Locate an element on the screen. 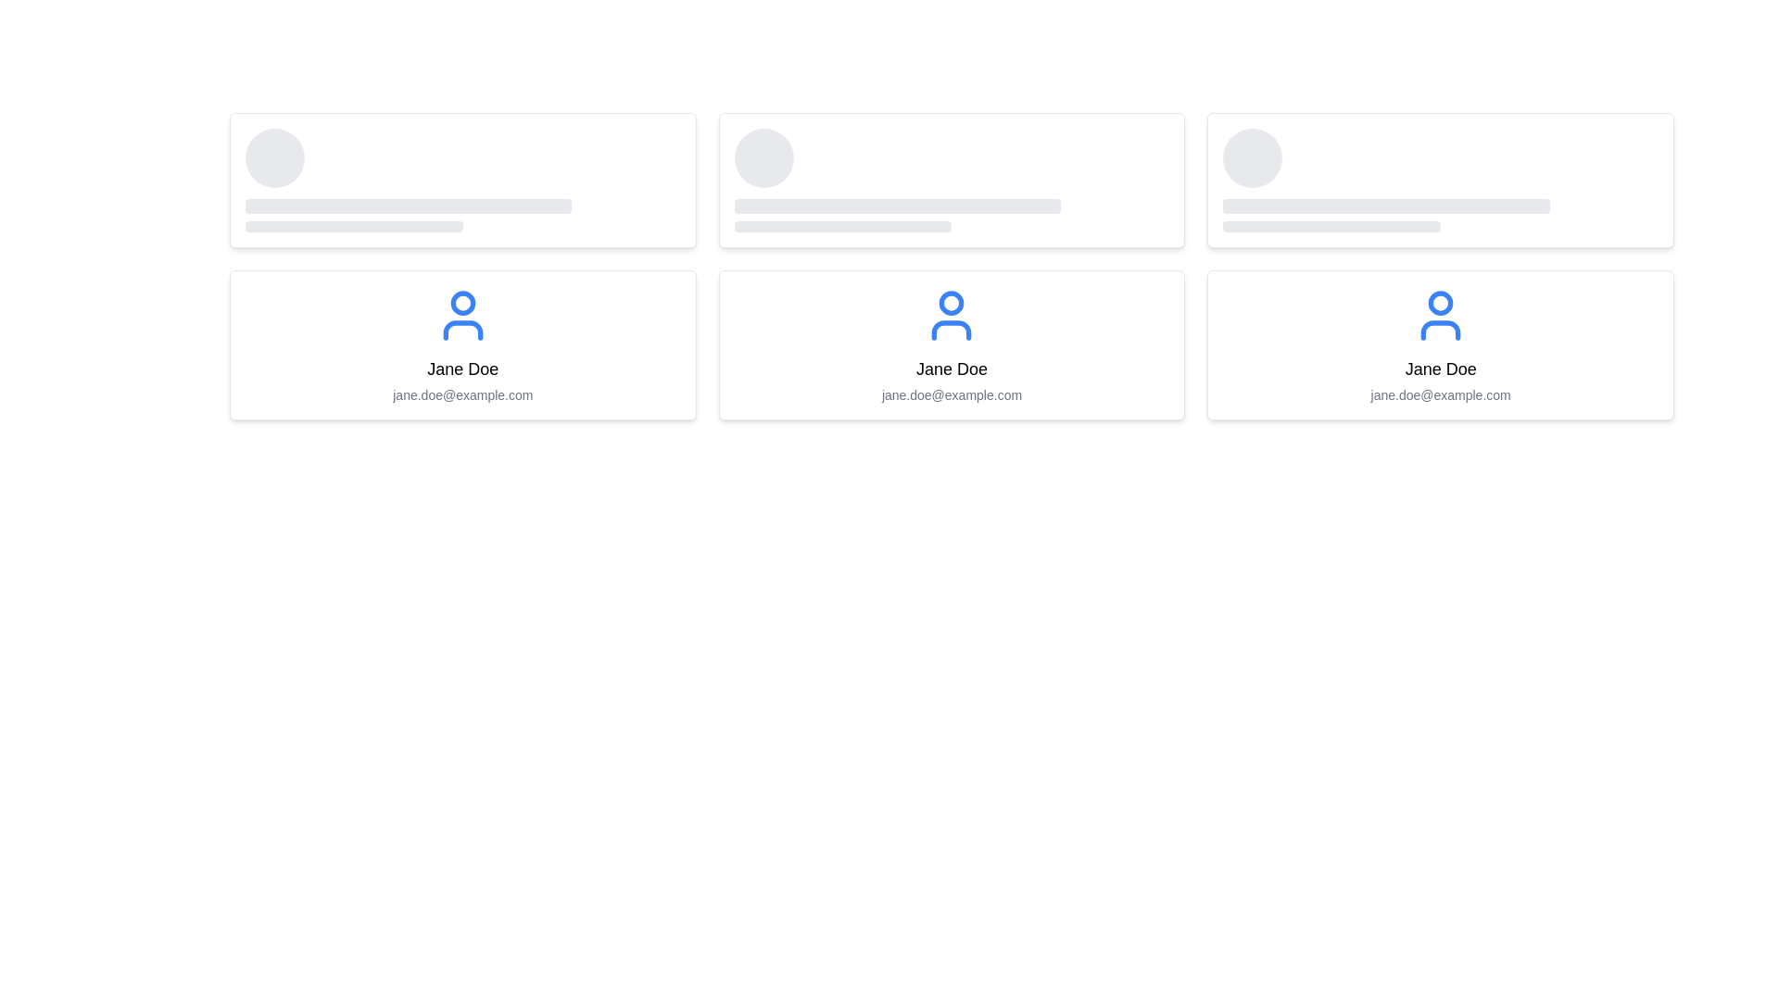 The width and height of the screenshot is (1779, 1000). the user profile icon located in the second card of the second row, which serves as a visual representation for user identification is located at coordinates (952, 314).